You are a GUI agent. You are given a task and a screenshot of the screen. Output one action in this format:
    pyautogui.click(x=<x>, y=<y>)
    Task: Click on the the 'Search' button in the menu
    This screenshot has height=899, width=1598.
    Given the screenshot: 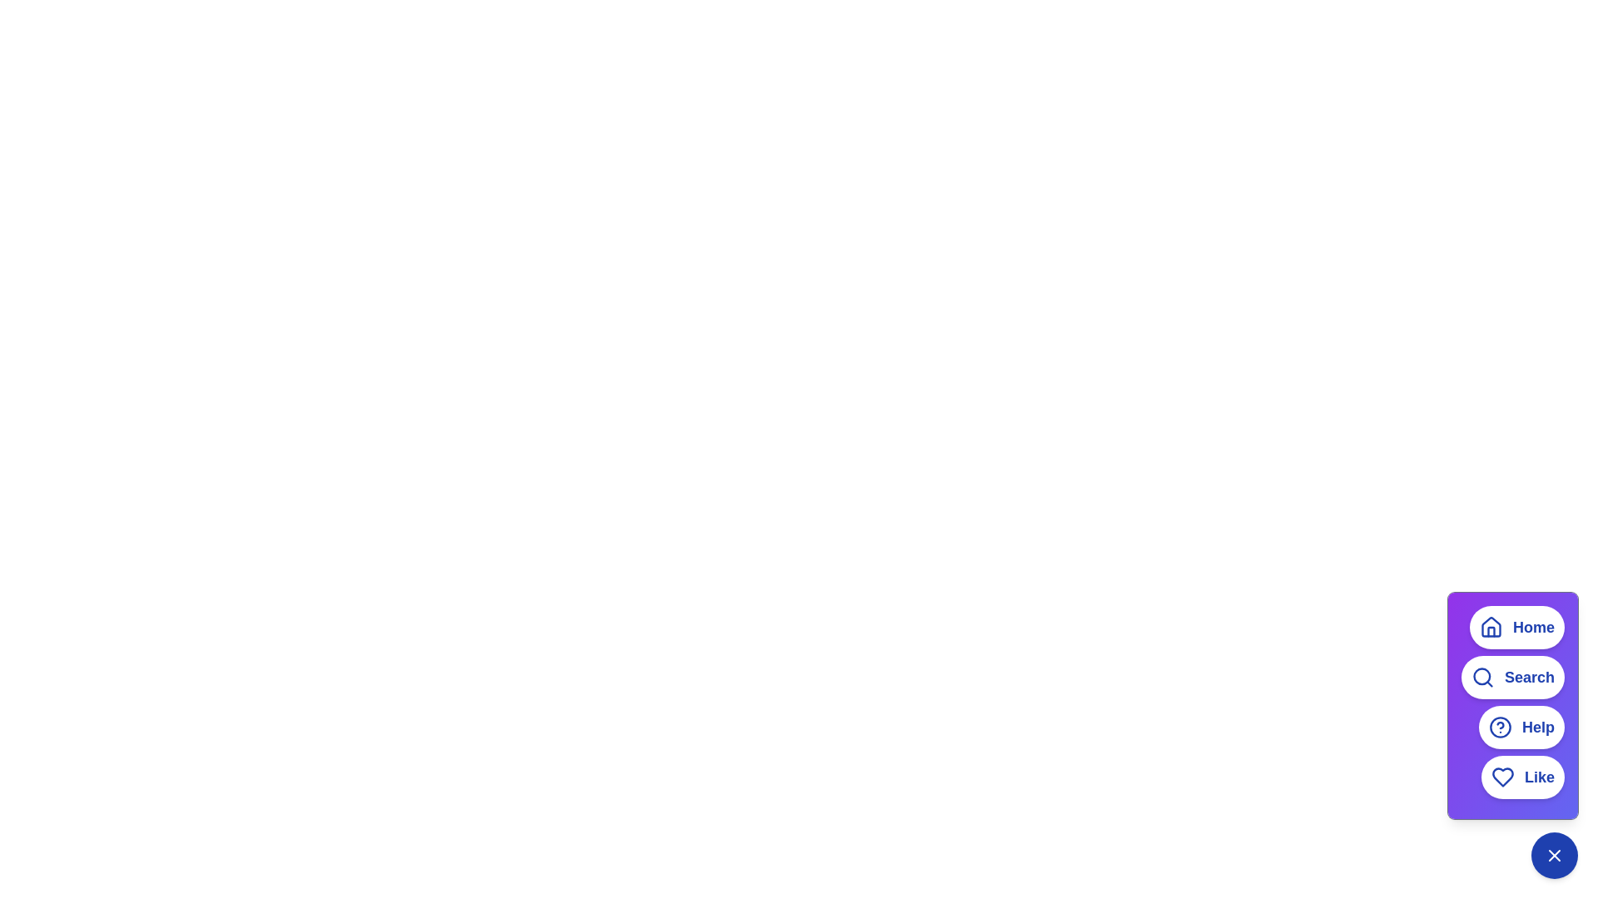 What is the action you would take?
    pyautogui.click(x=1513, y=677)
    